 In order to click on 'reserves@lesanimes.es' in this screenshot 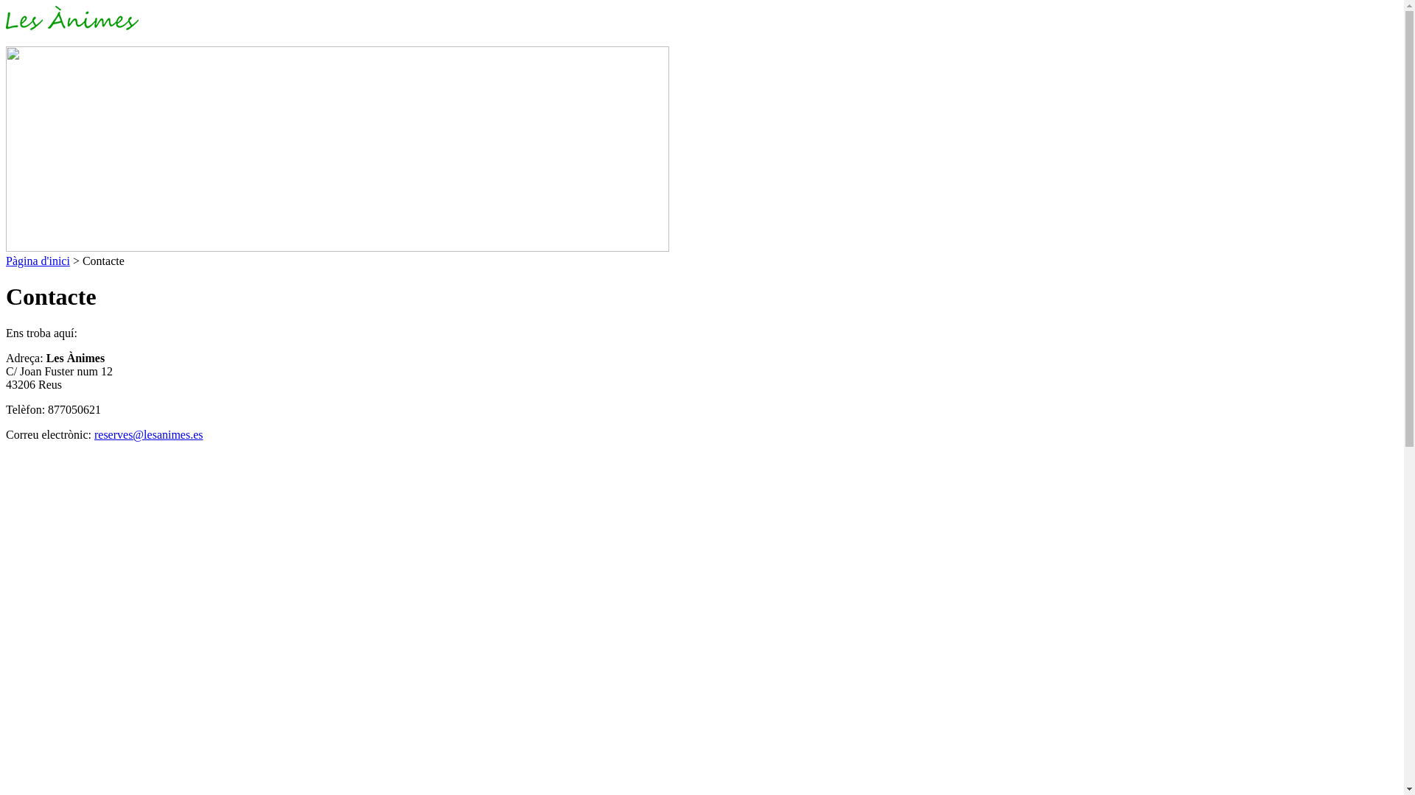, I will do `click(148, 434)`.